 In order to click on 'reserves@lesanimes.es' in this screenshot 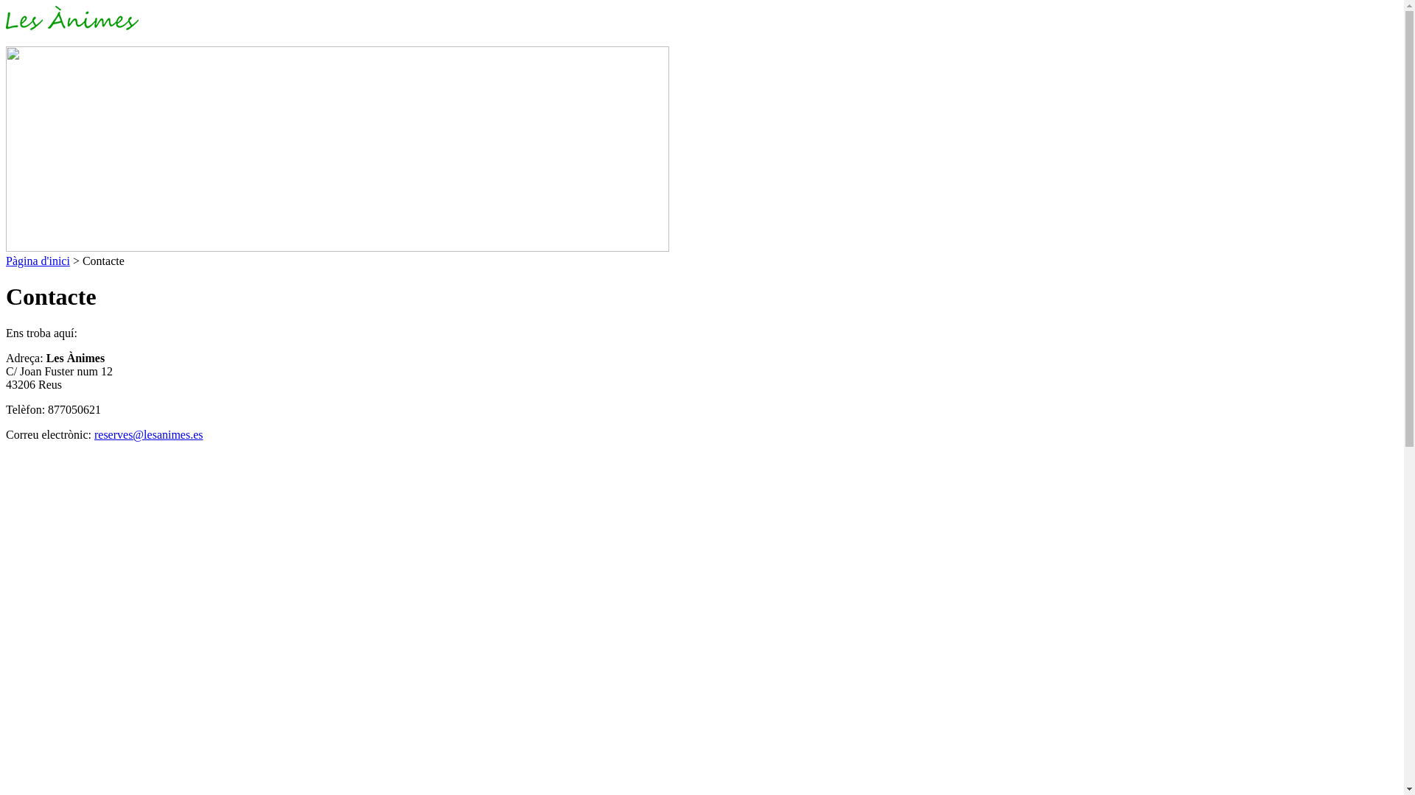, I will do `click(148, 434)`.